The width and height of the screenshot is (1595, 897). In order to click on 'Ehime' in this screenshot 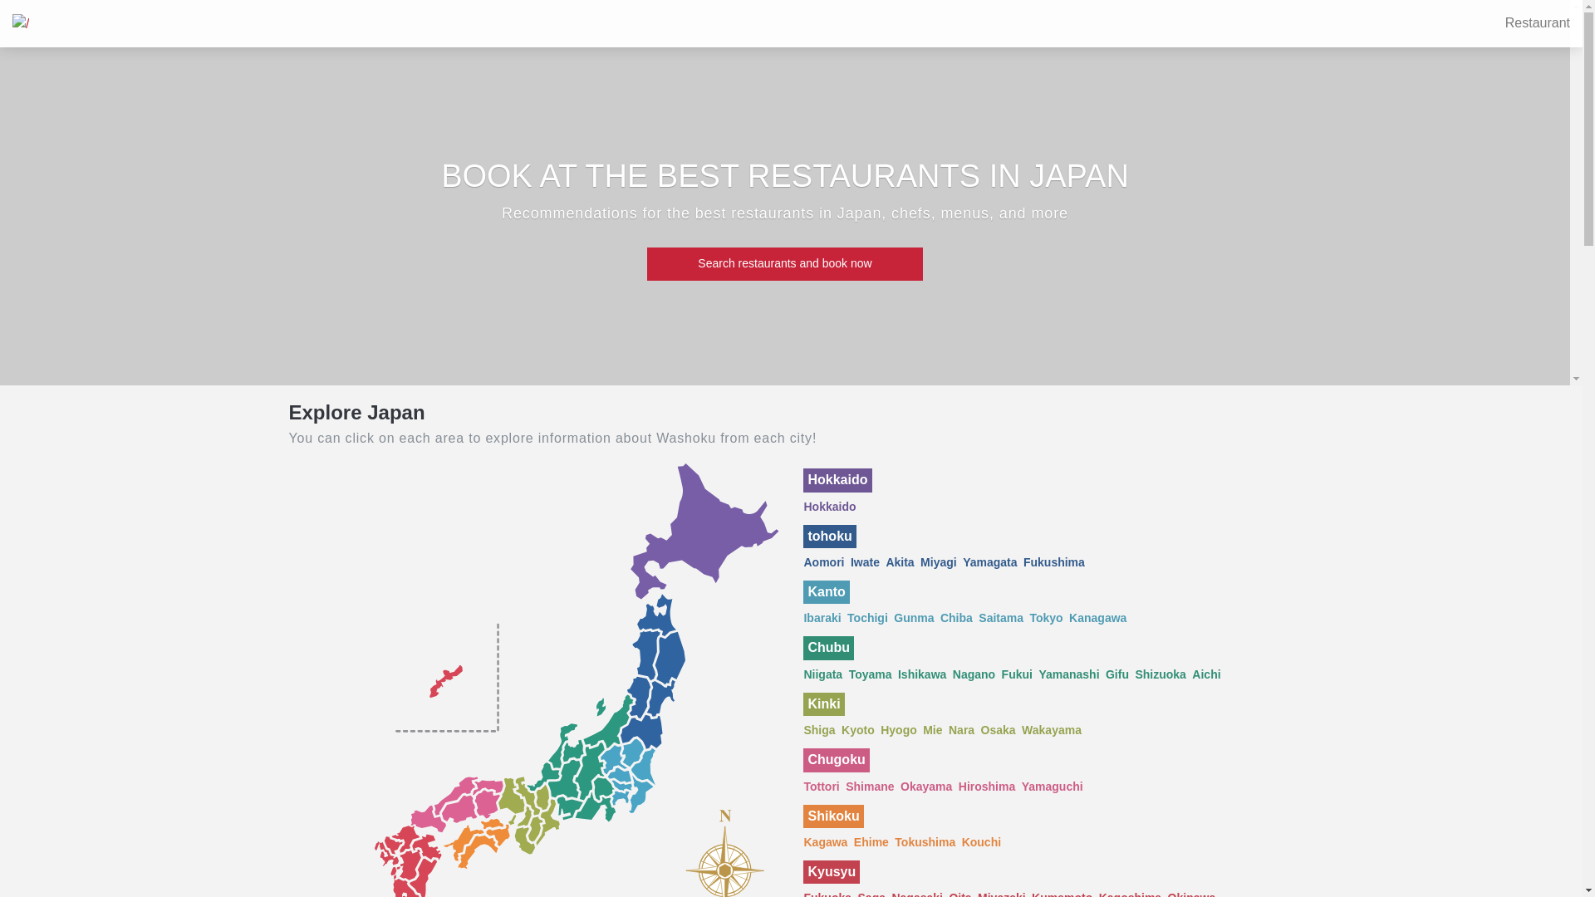, I will do `click(871, 842)`.